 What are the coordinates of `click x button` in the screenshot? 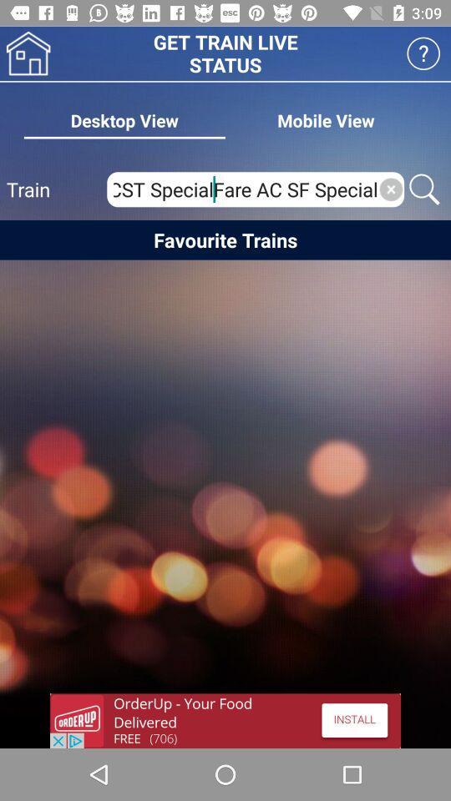 It's located at (391, 189).